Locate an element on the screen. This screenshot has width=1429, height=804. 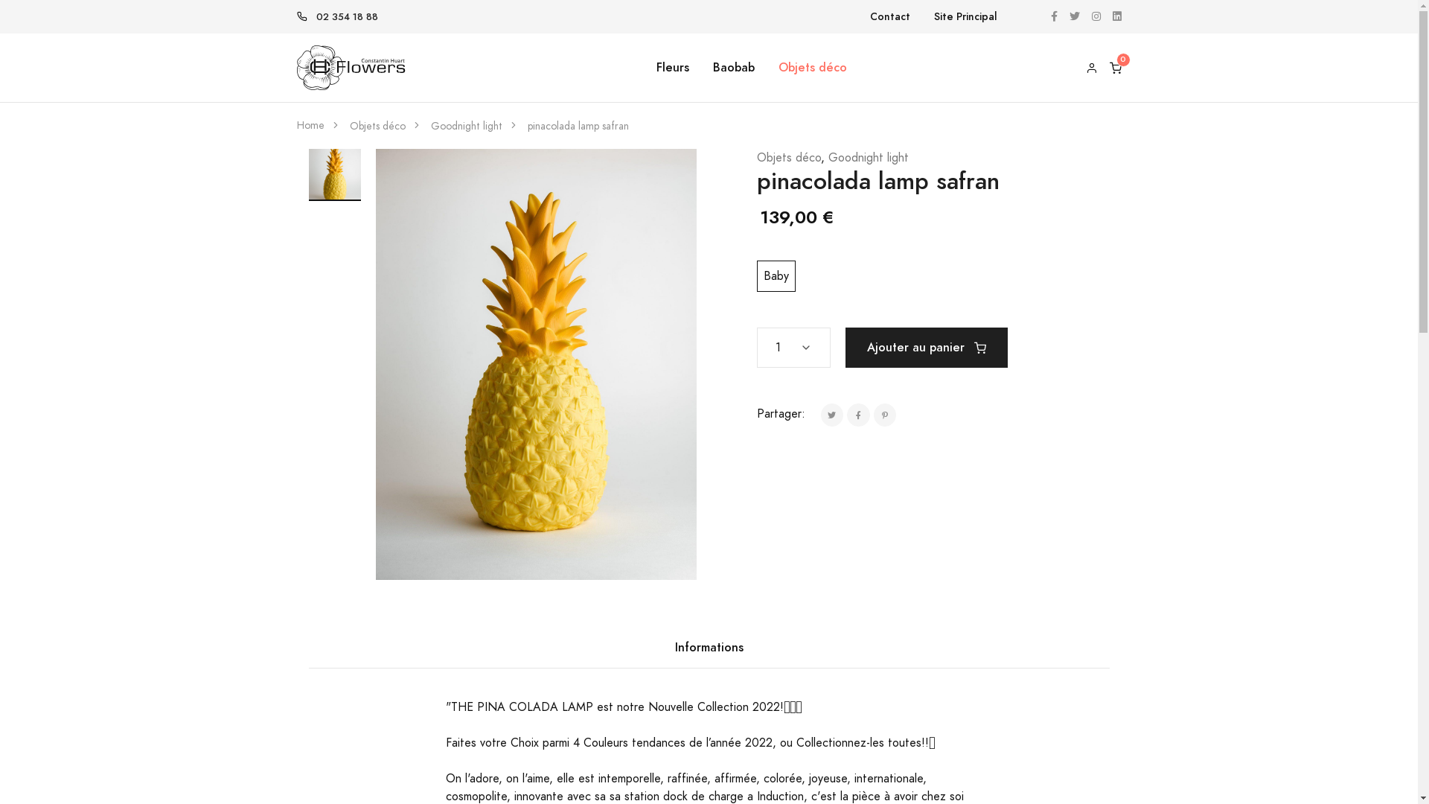
'Home' is located at coordinates (309, 124).